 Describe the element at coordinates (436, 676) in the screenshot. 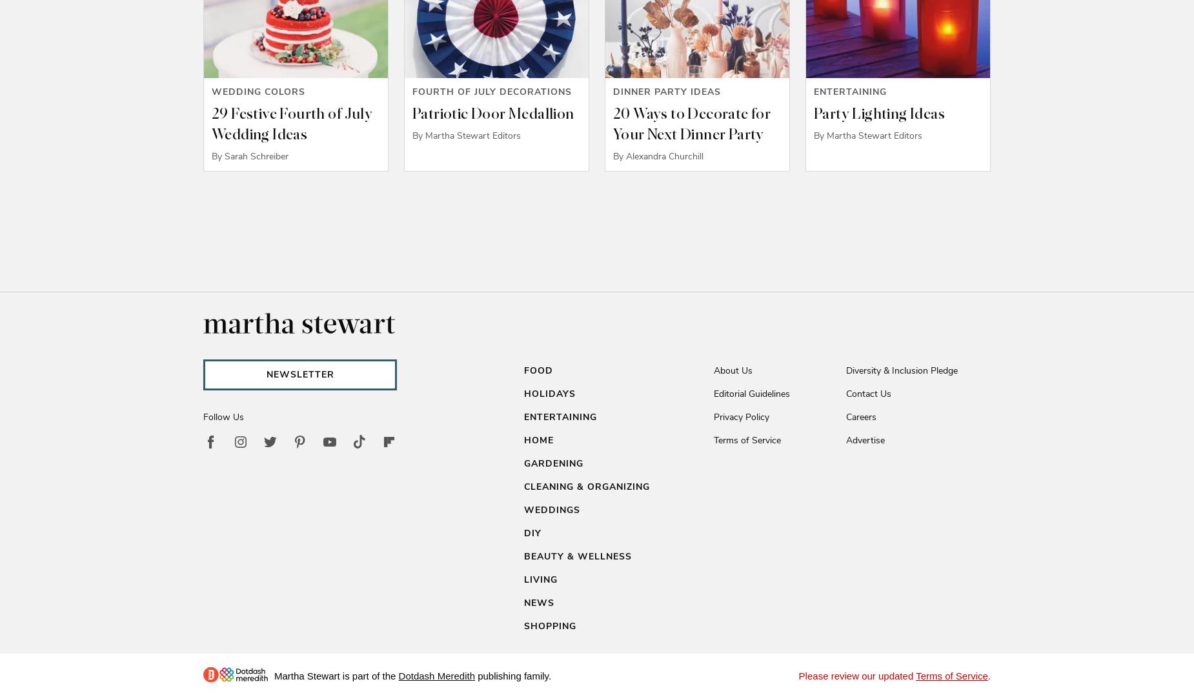

I see `'Dotdash Meredith'` at that location.